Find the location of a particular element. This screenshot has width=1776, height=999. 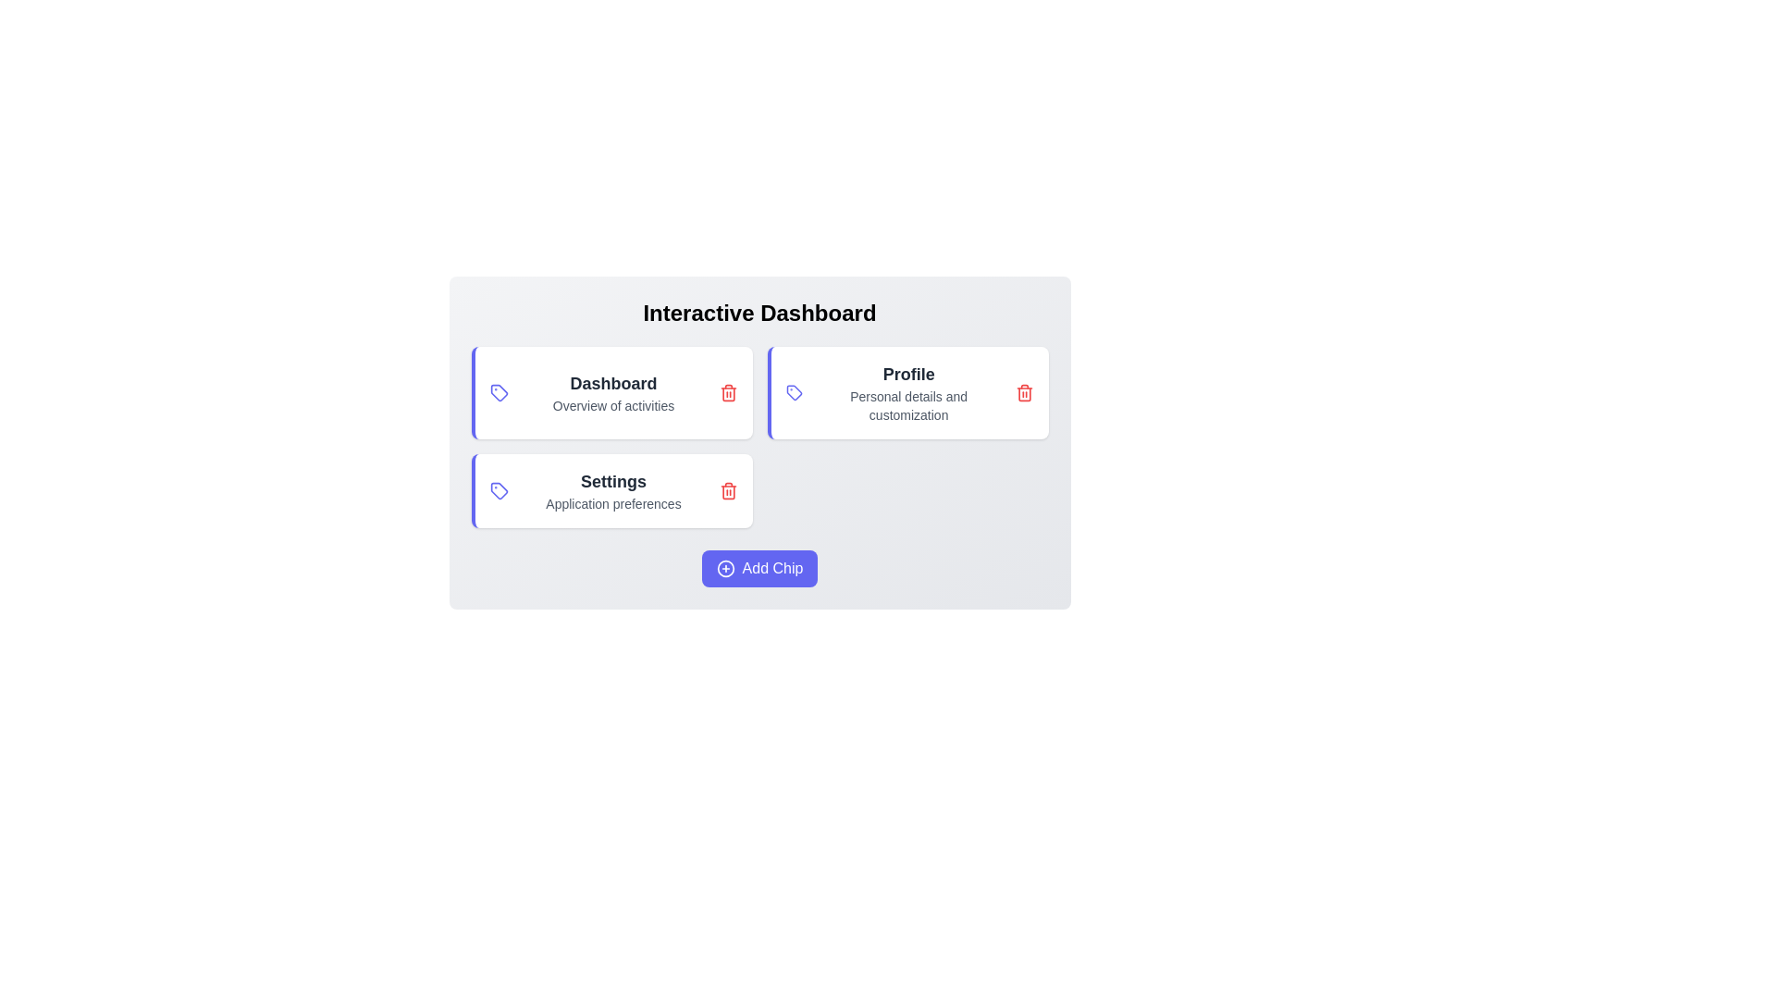

the delete button of the chip labeled Settings is located at coordinates (727, 490).